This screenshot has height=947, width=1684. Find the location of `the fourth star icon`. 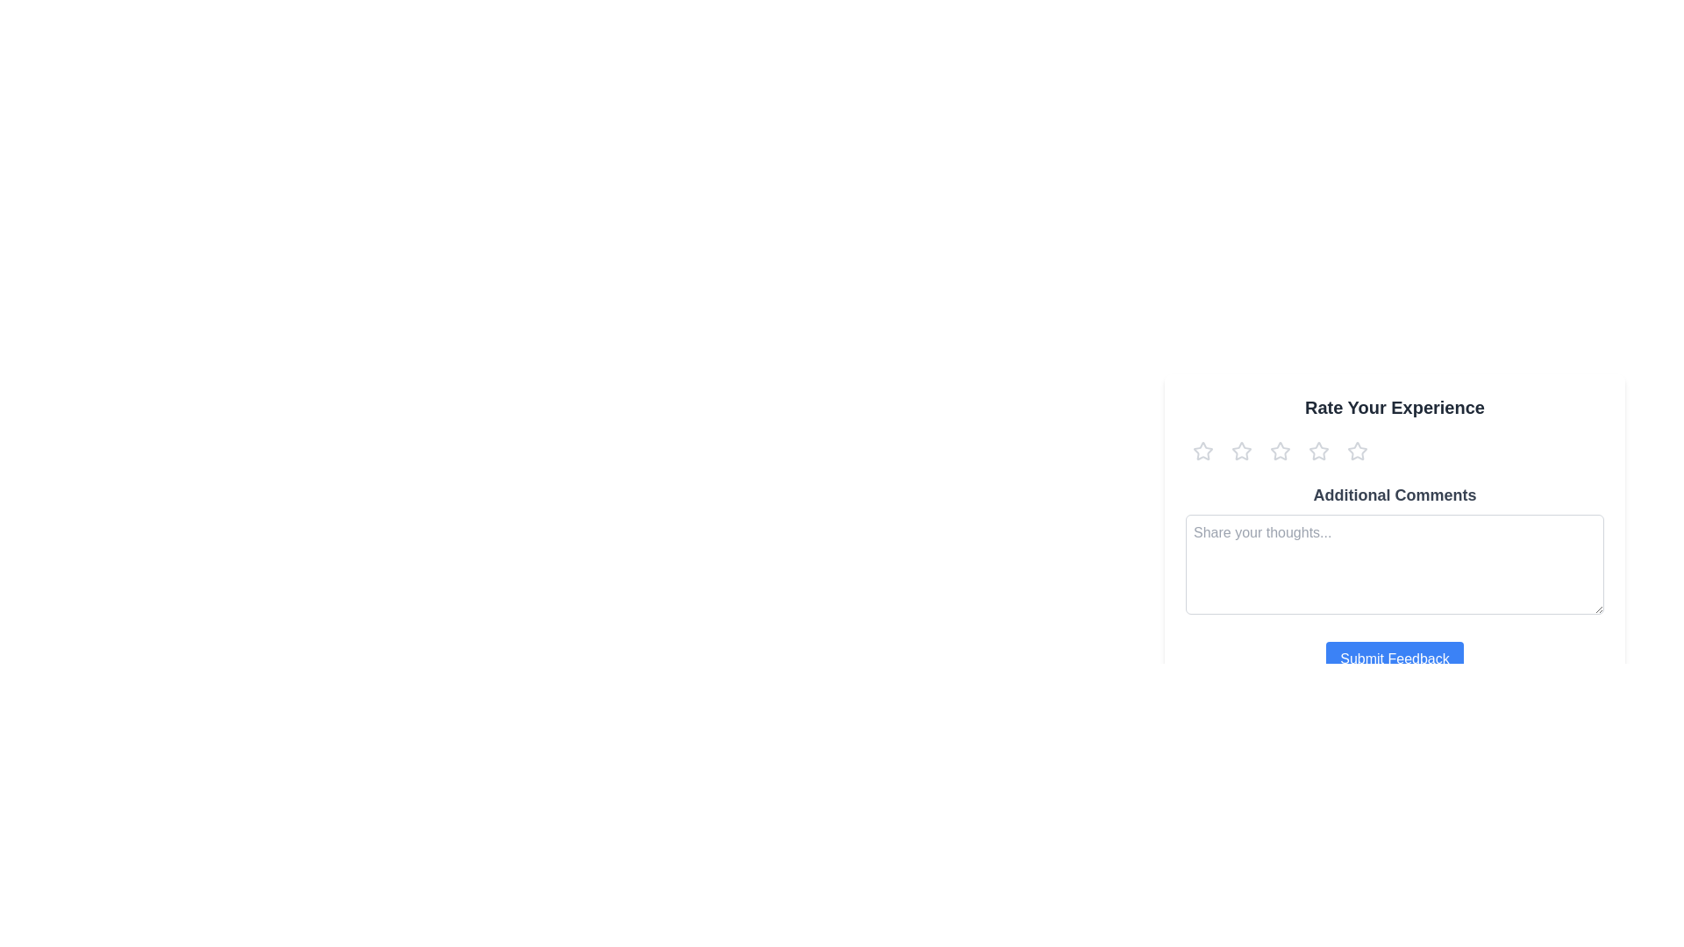

the fourth star icon is located at coordinates (1357, 451).